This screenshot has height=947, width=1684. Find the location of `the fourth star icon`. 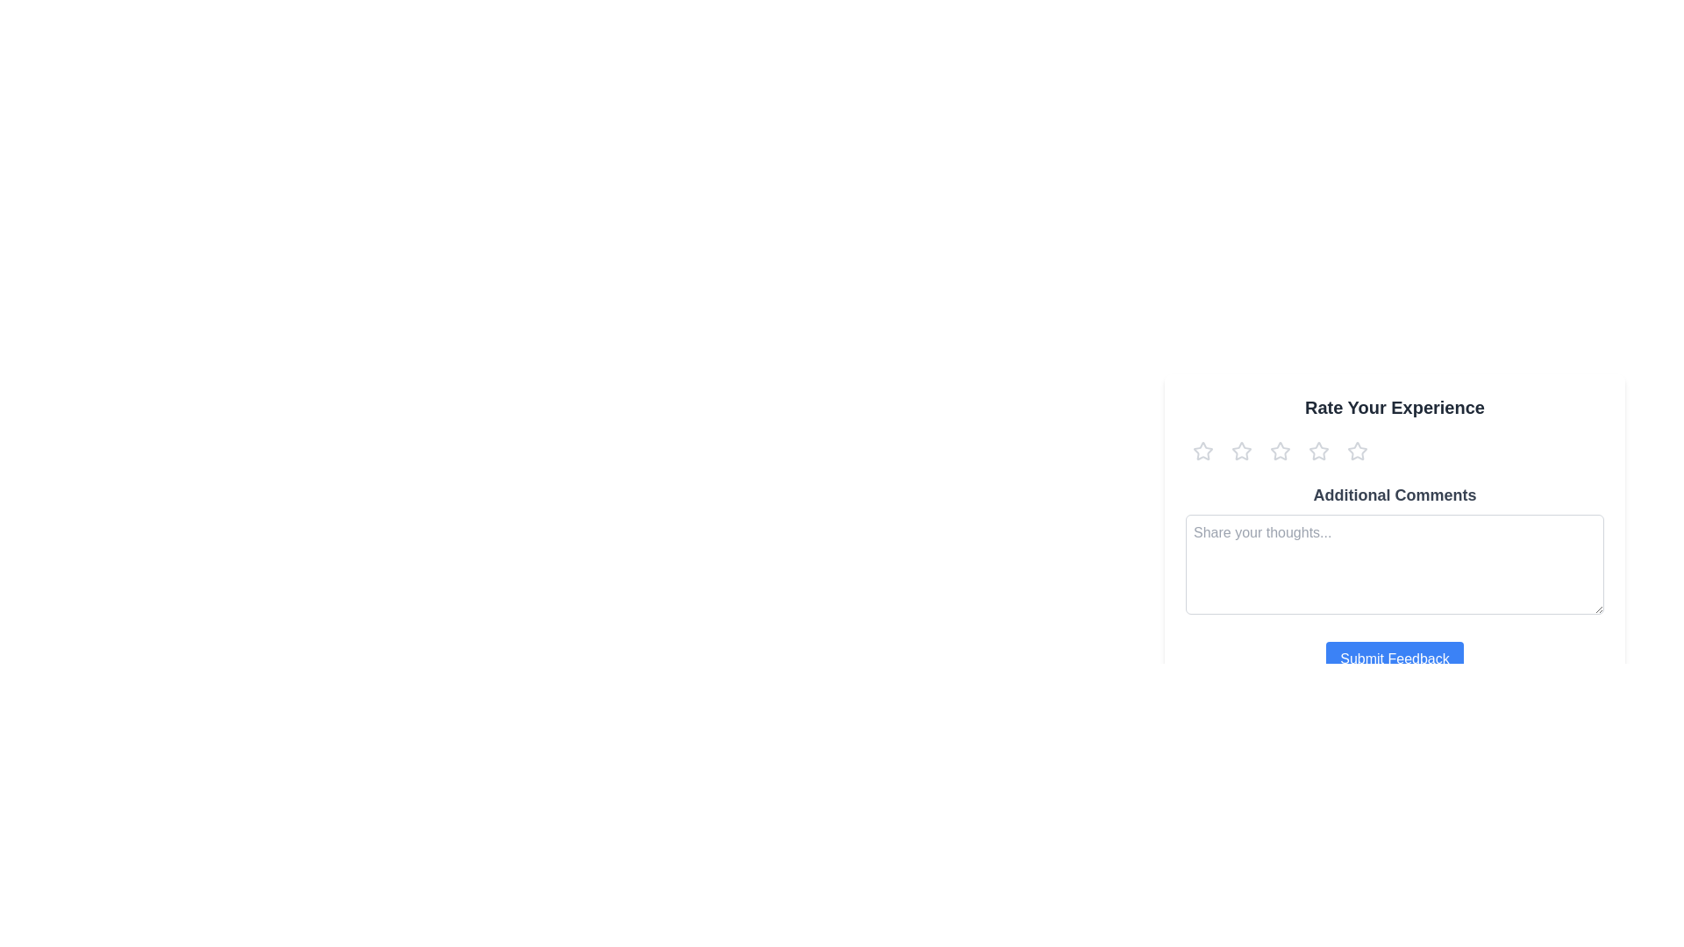

the fourth star icon is located at coordinates (1357, 451).